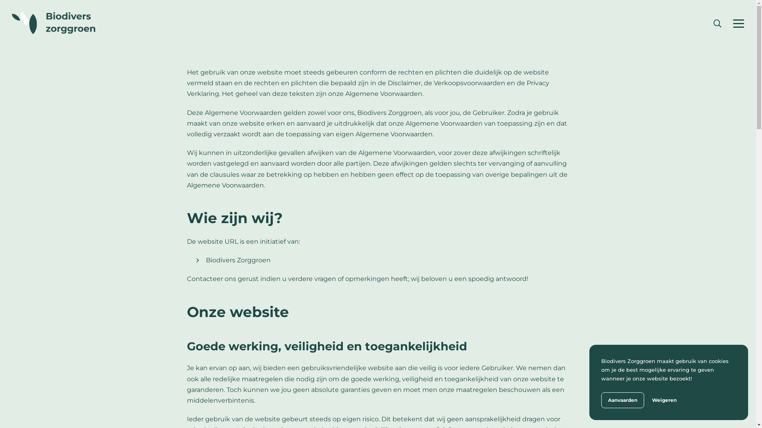  I want to click on 'Weigeren', so click(652, 400).